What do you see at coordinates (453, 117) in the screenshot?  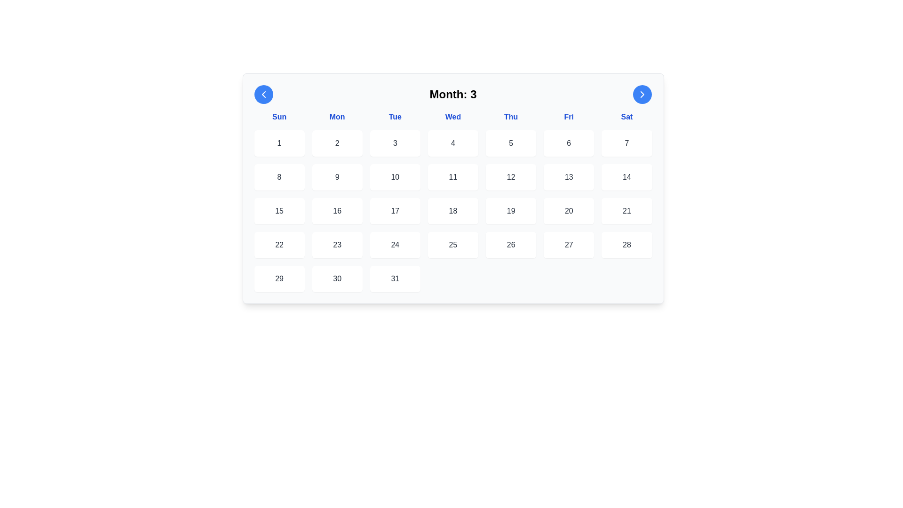 I see `the Label displaying the abbreviated day names ('Sun', 'Mon', 'Tue', 'Wed', 'Thu', 'Fri', 'Sat') which is styled with bold blue text and located beneath the current month header` at bounding box center [453, 117].